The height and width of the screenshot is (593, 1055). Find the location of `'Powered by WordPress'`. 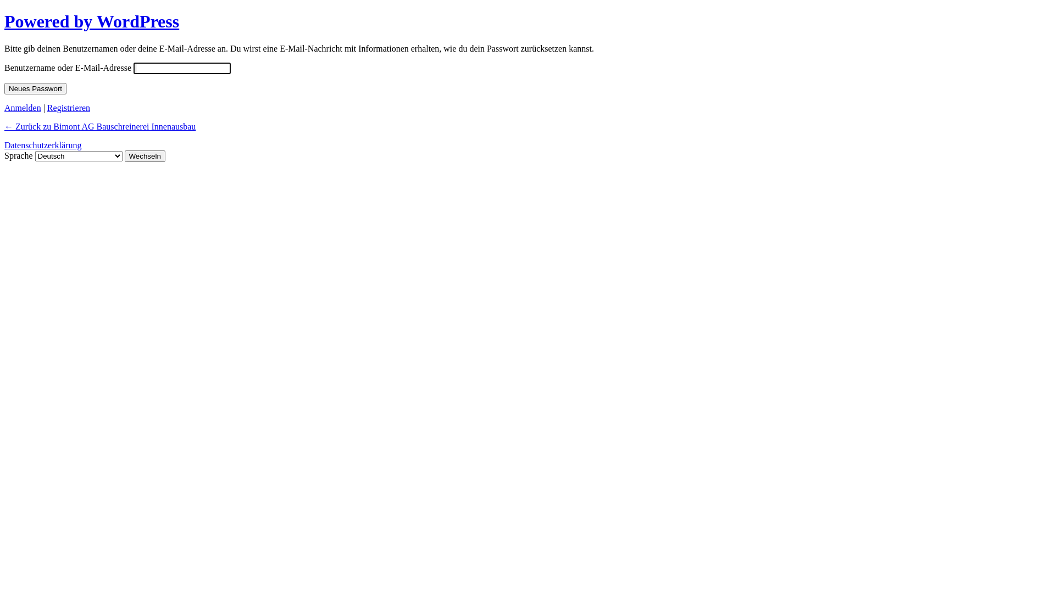

'Powered by WordPress' is located at coordinates (4, 21).